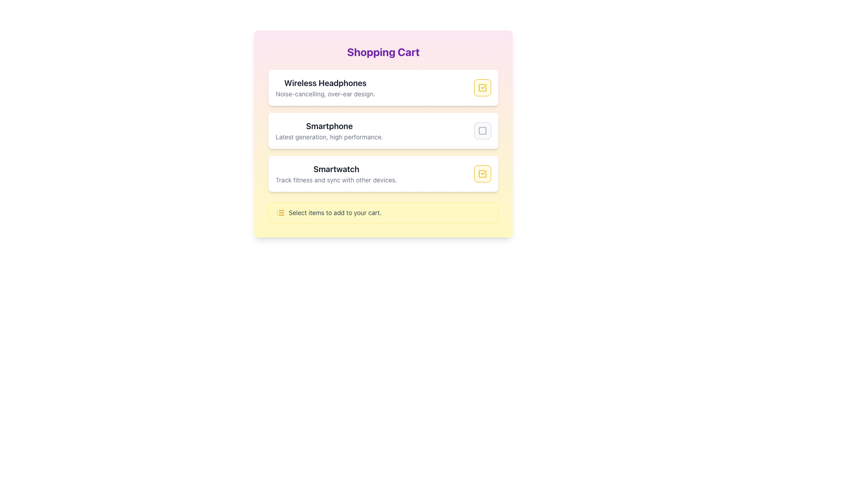 This screenshot has width=862, height=484. I want to click on individual components within the product options list located in the 'Shopping Cart' section, so click(383, 131).